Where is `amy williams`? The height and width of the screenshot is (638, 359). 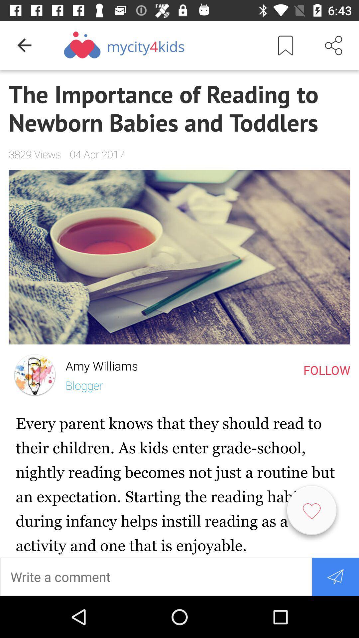 amy williams is located at coordinates (97, 364).